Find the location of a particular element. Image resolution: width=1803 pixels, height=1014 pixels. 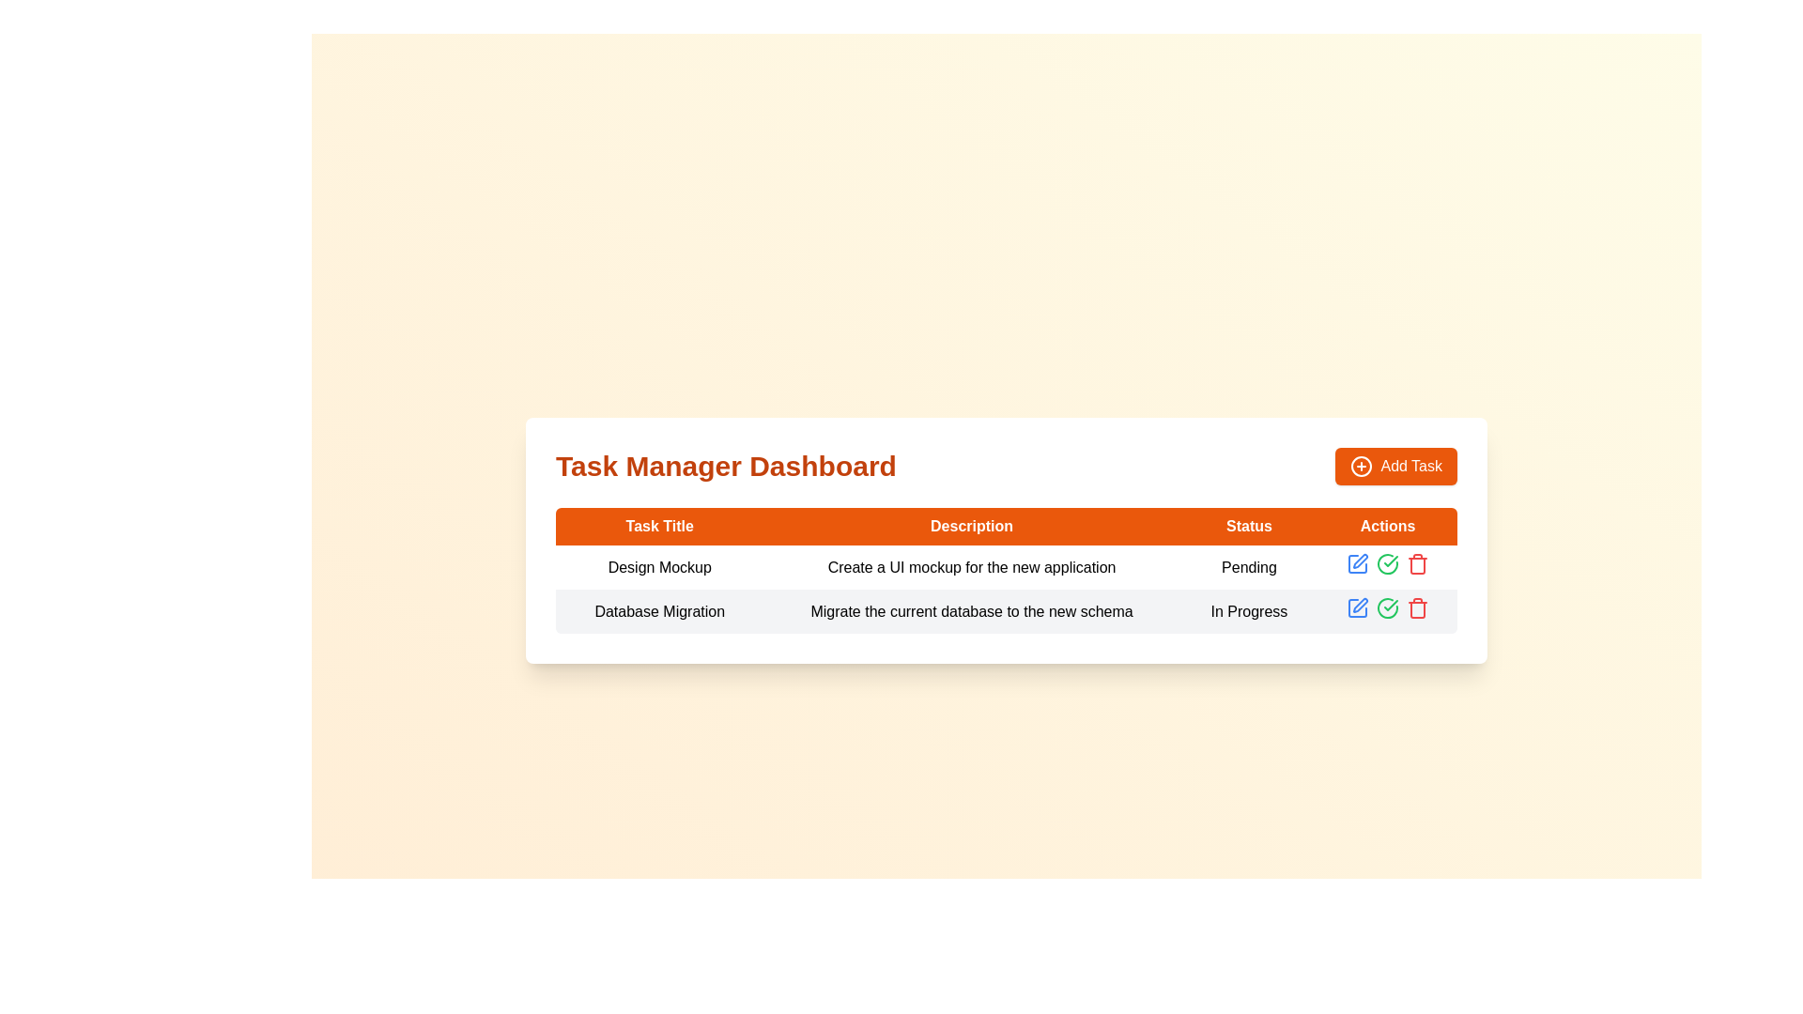

the trash can icon button, which is the rightmost element in the row of action icons under the 'Actions' column for the 'Database Migration' task entry is located at coordinates (1418, 608).